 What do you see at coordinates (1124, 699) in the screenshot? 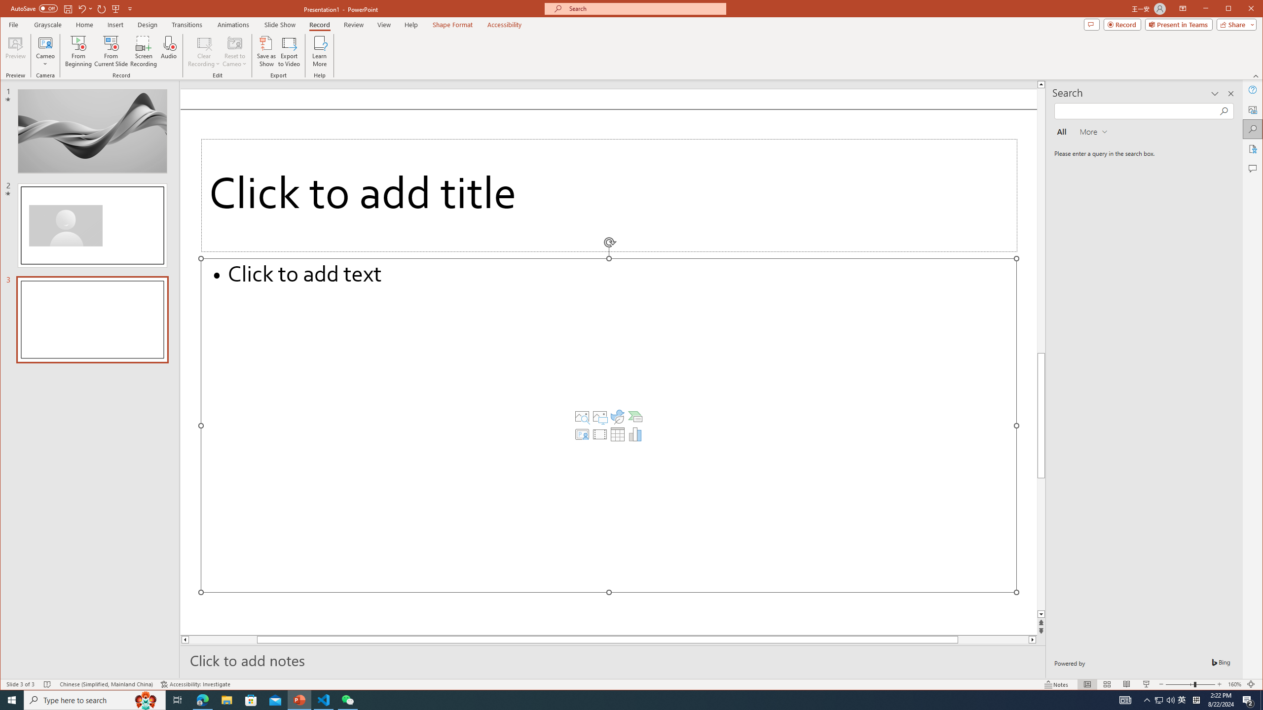
I see `'AutomationID: 4105'` at bounding box center [1124, 699].